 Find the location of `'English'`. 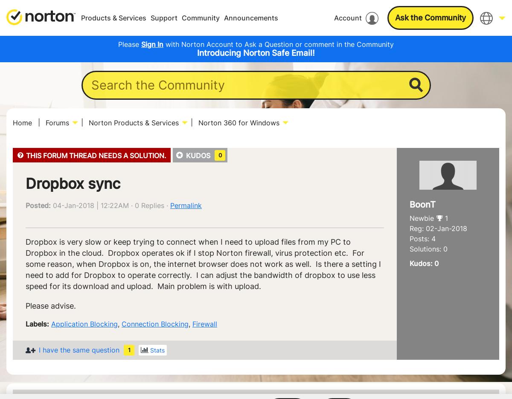

'English' is located at coordinates (439, 53).